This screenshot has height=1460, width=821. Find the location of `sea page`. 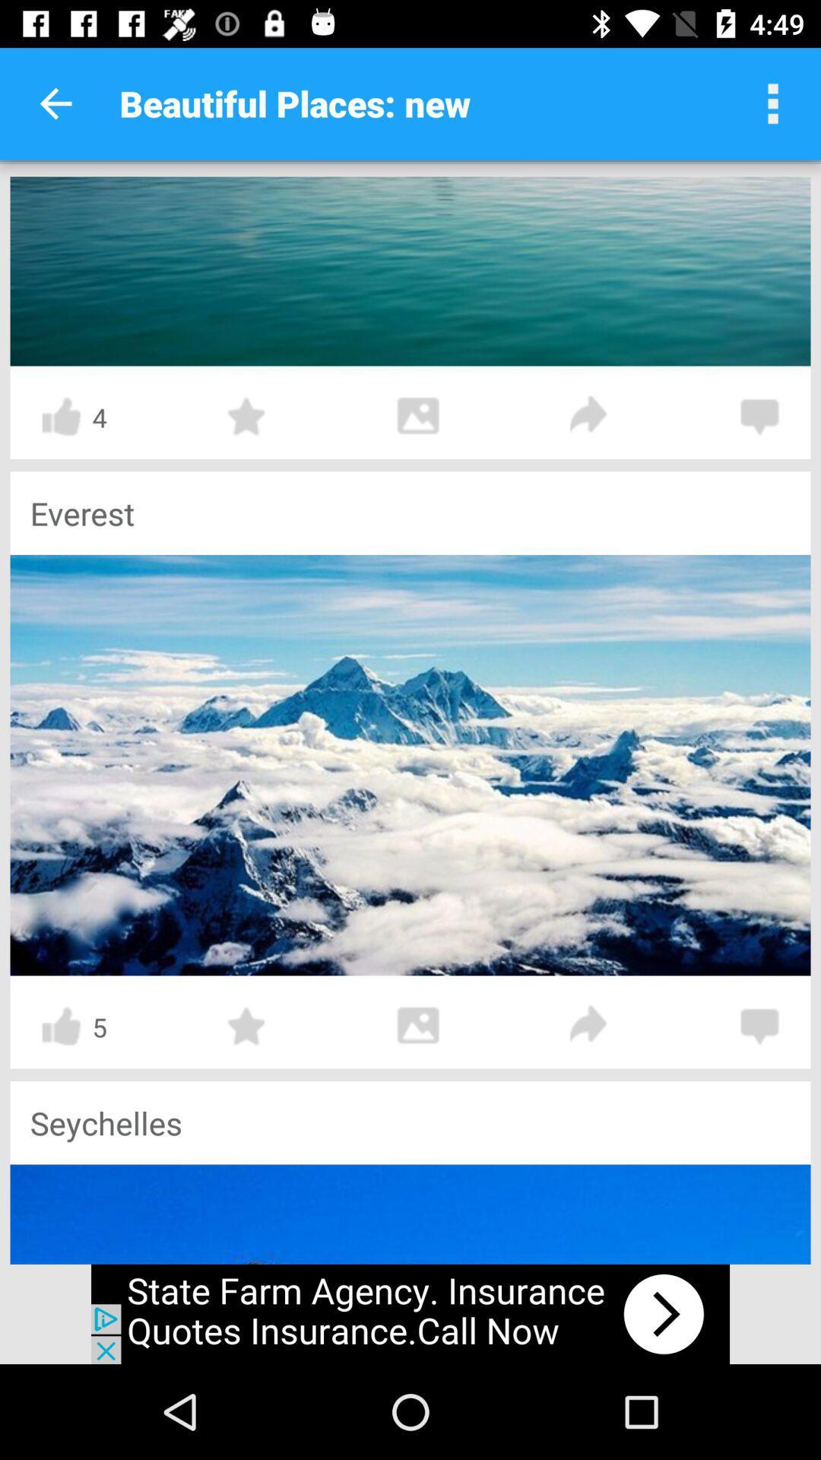

sea page is located at coordinates (410, 271).